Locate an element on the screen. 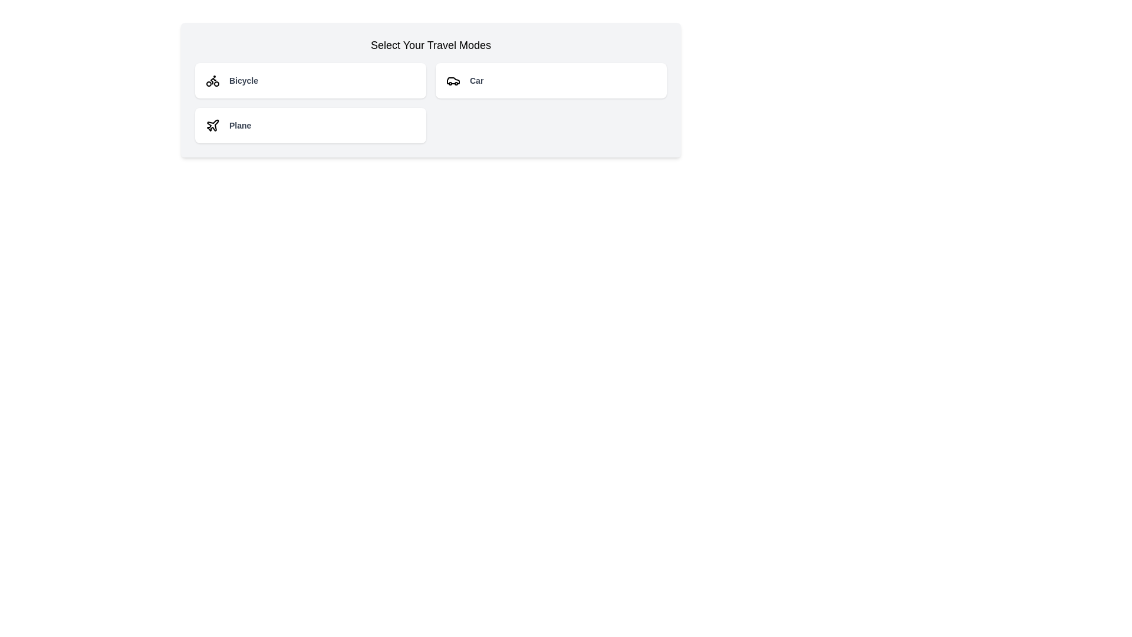 The image size is (1132, 637). the button containing the car icon, which is the second option for selecting 'Car' as the travel mode in the travel mode selection interface located in the top-right section is located at coordinates (452, 80).